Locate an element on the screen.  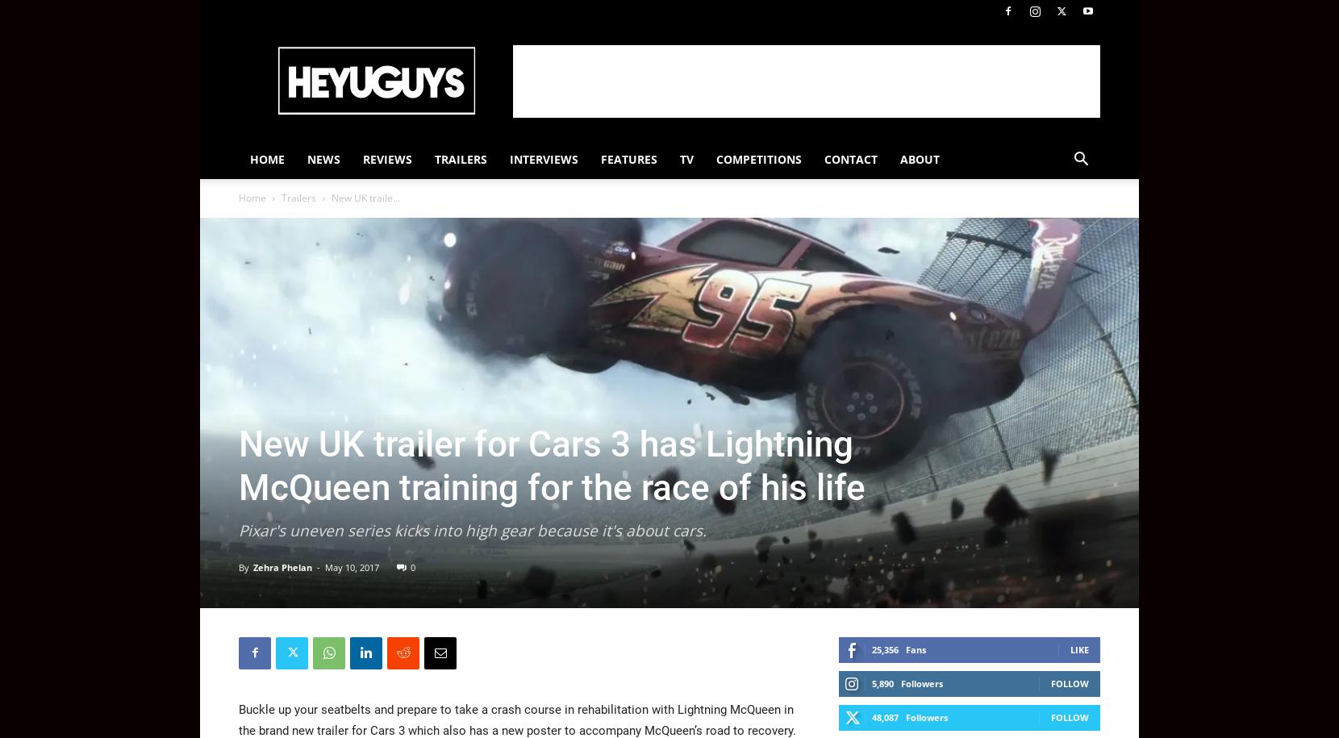
'By' is located at coordinates (243, 565).